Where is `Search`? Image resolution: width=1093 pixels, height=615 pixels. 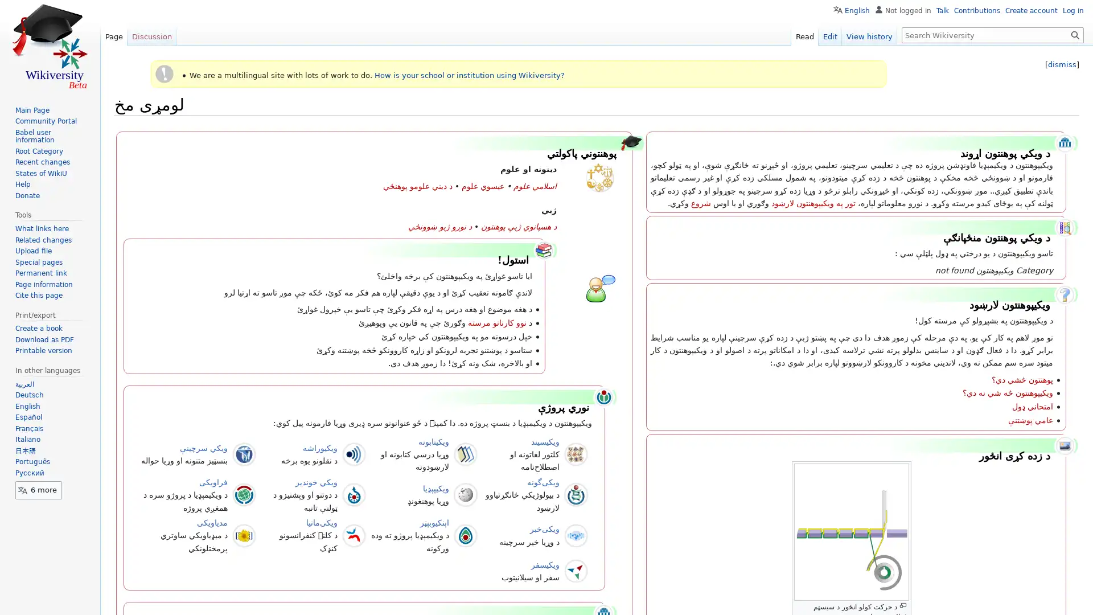 Search is located at coordinates (1075, 34).